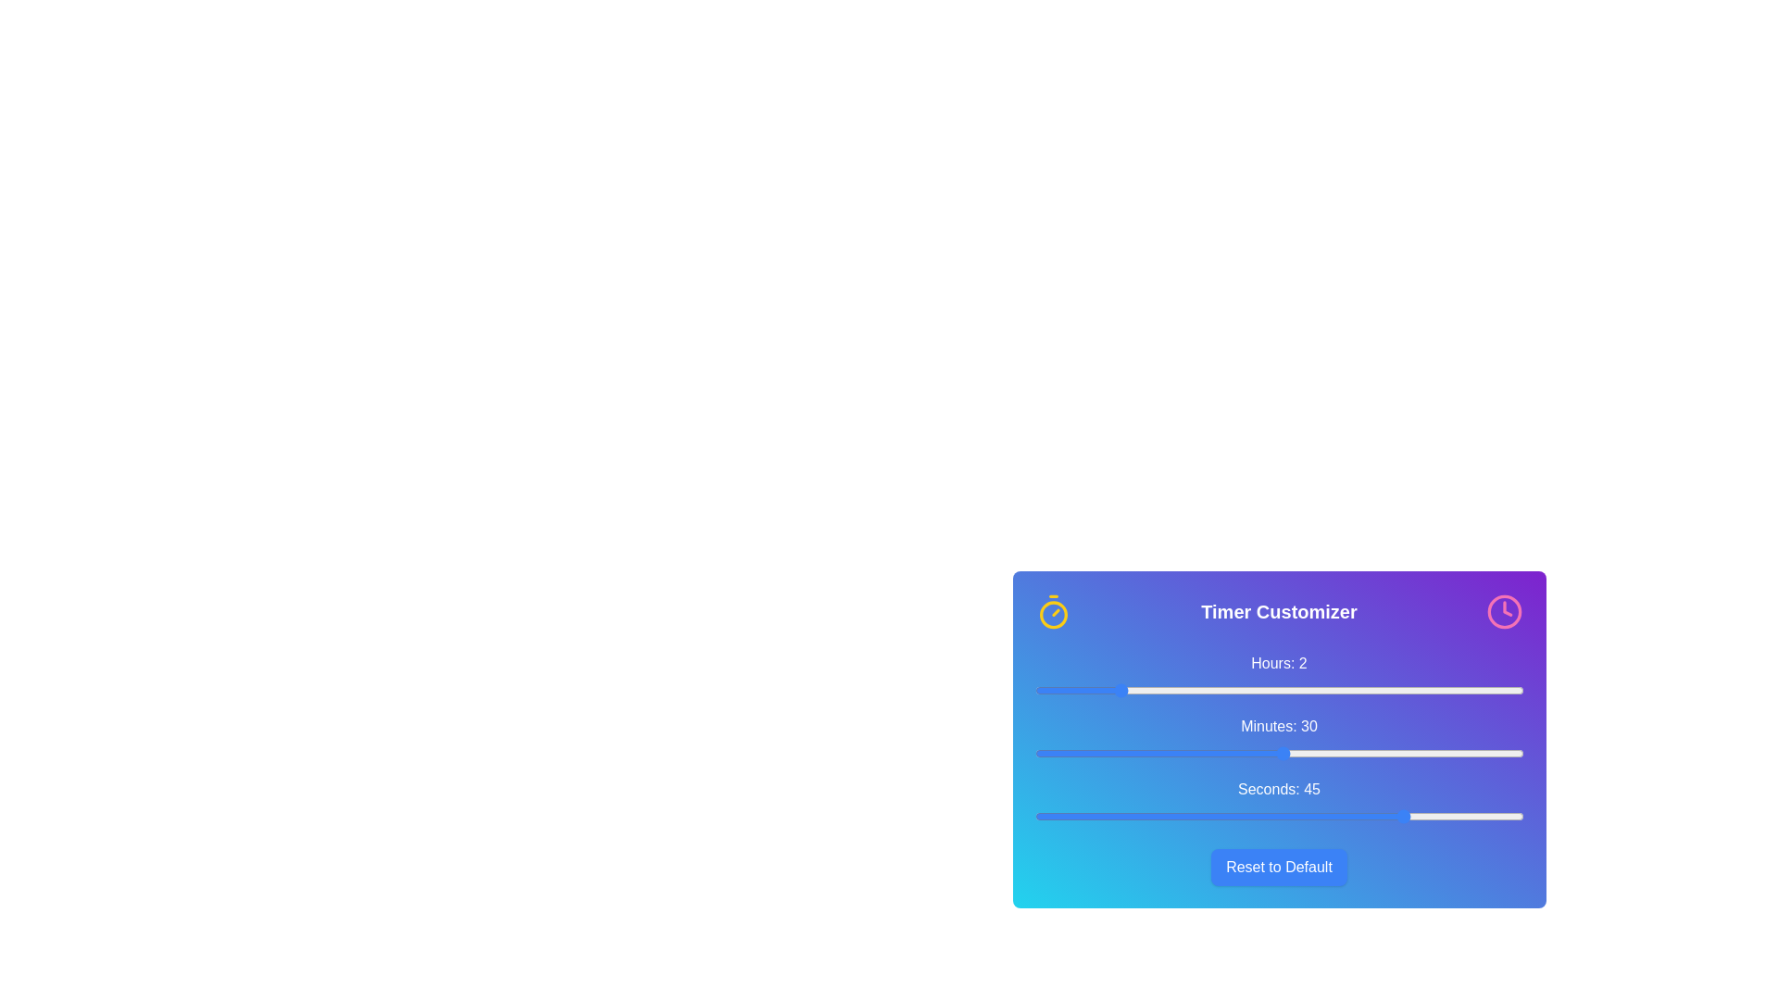 This screenshot has width=1778, height=1000. Describe the element at coordinates (1423, 816) in the screenshot. I see `the 'seconds' slider to set the value to 47` at that location.